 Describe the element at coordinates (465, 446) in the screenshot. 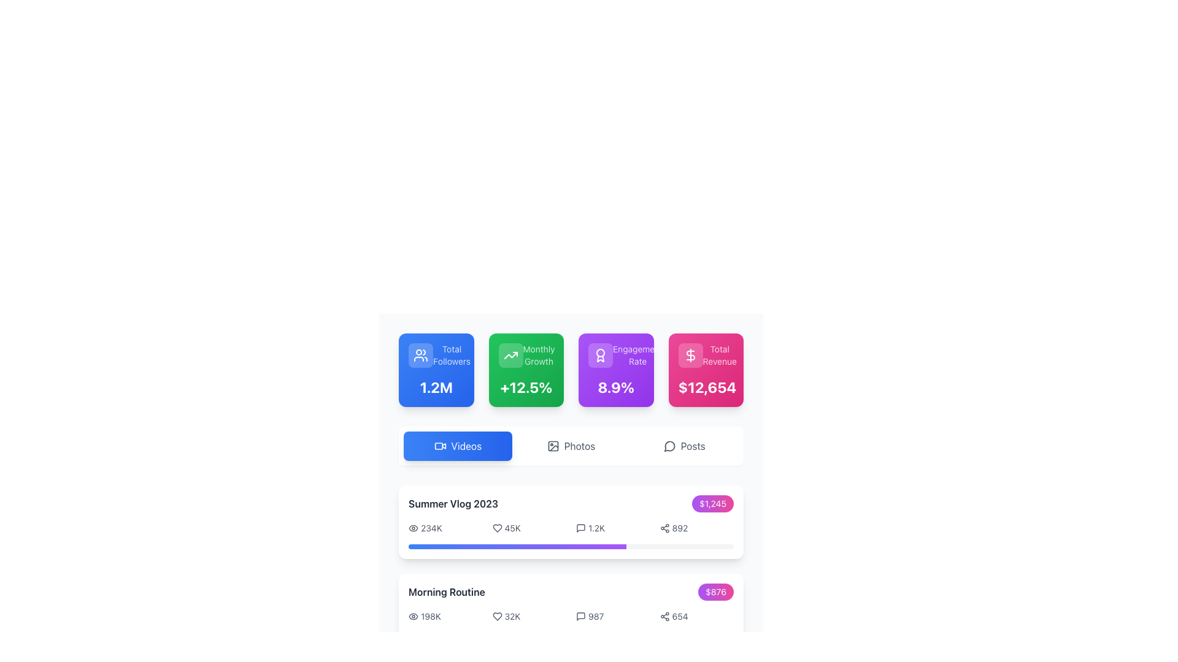

I see `the 'Videos' text label located in the center-right portion of a blue gradient button with a video camera icon on the left to interact with the button` at that location.